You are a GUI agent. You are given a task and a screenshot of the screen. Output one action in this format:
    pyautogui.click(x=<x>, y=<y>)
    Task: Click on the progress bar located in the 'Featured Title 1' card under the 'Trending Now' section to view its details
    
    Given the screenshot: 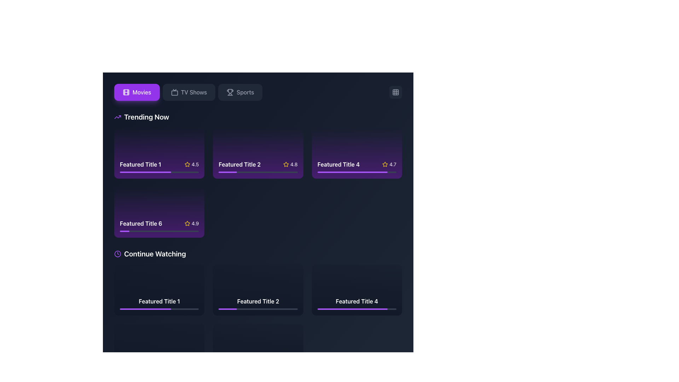 What is the action you would take?
    pyautogui.click(x=145, y=172)
    